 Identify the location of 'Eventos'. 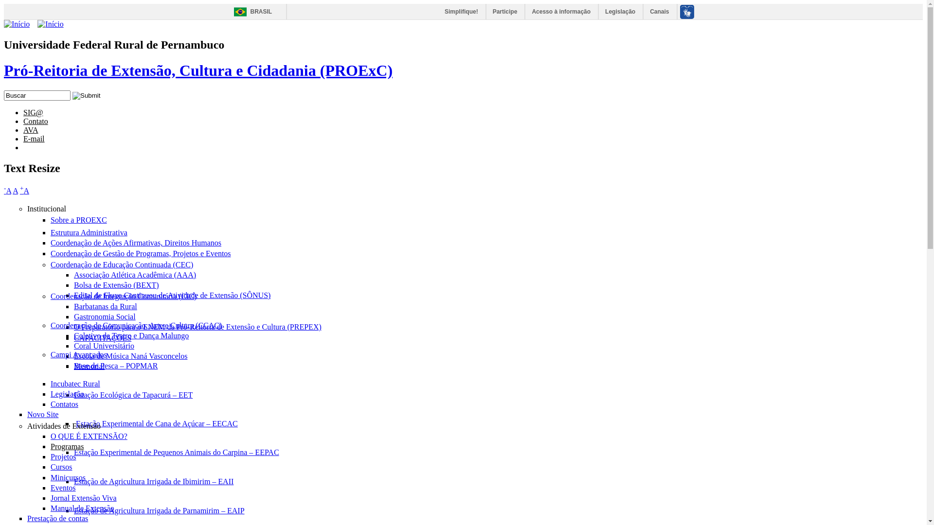
(62, 488).